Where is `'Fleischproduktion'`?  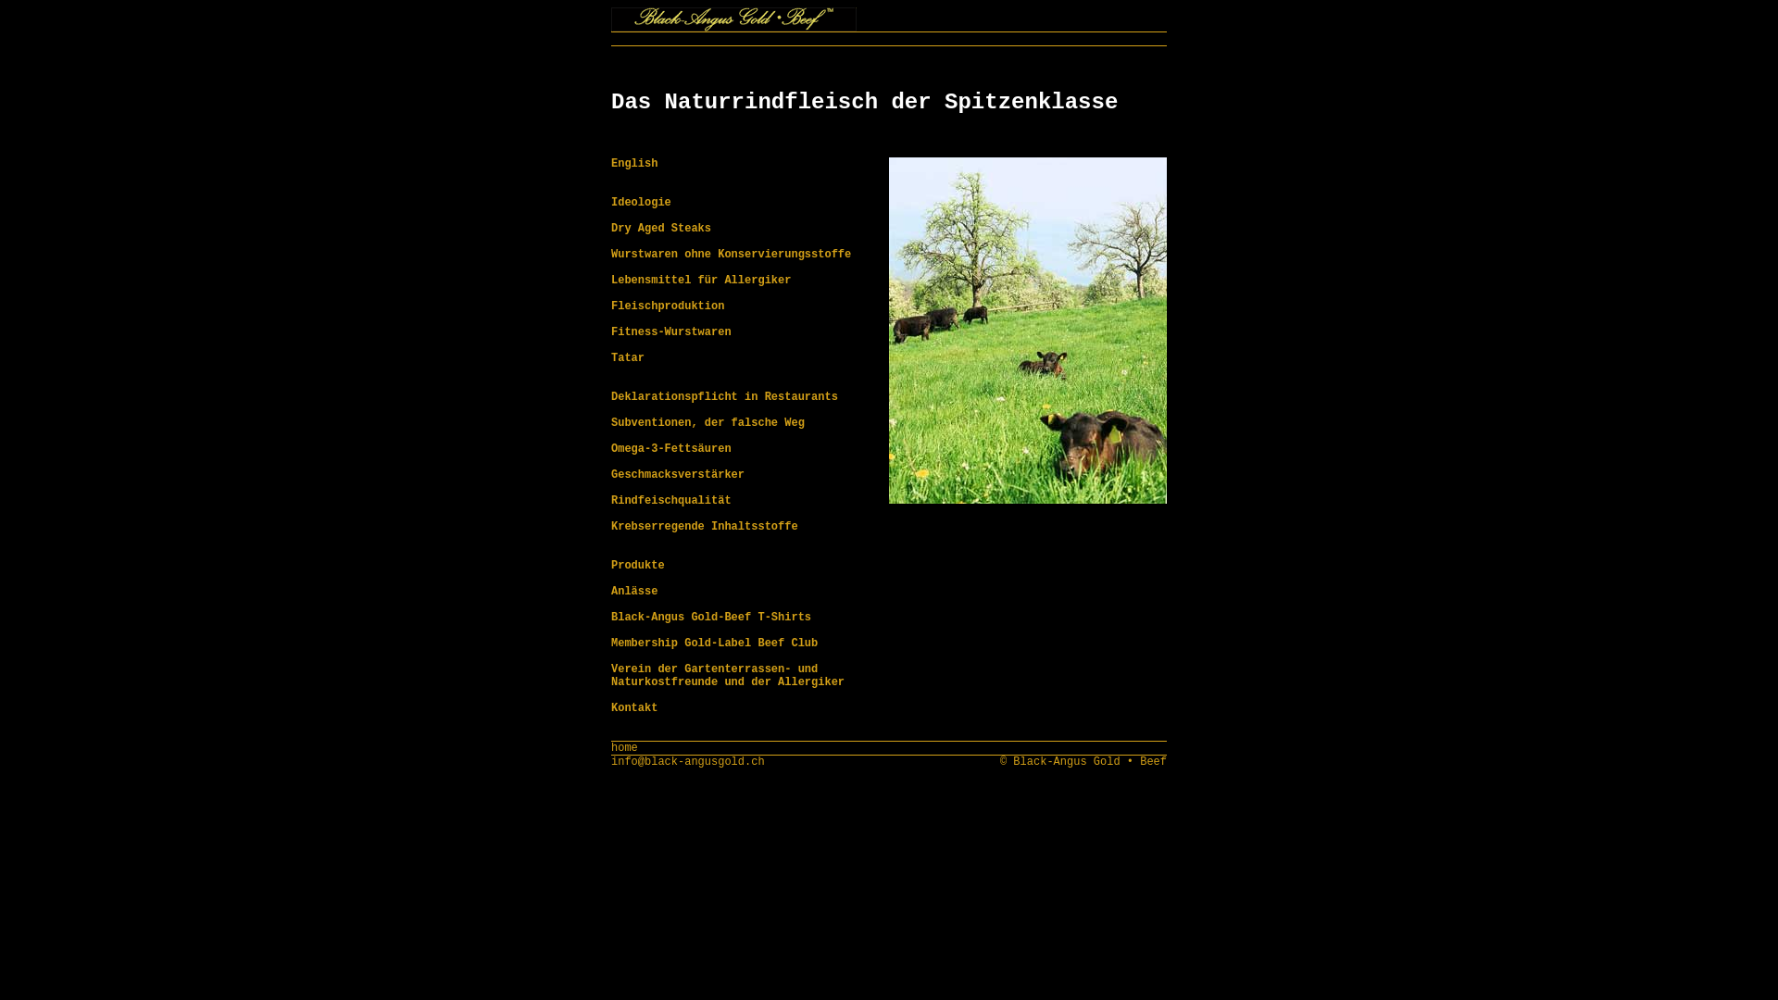 'Fleischproduktion' is located at coordinates (667, 306).